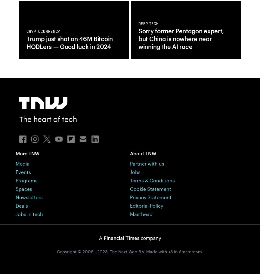  Describe the element at coordinates (147, 205) in the screenshot. I see `'Editorial Policy'` at that location.